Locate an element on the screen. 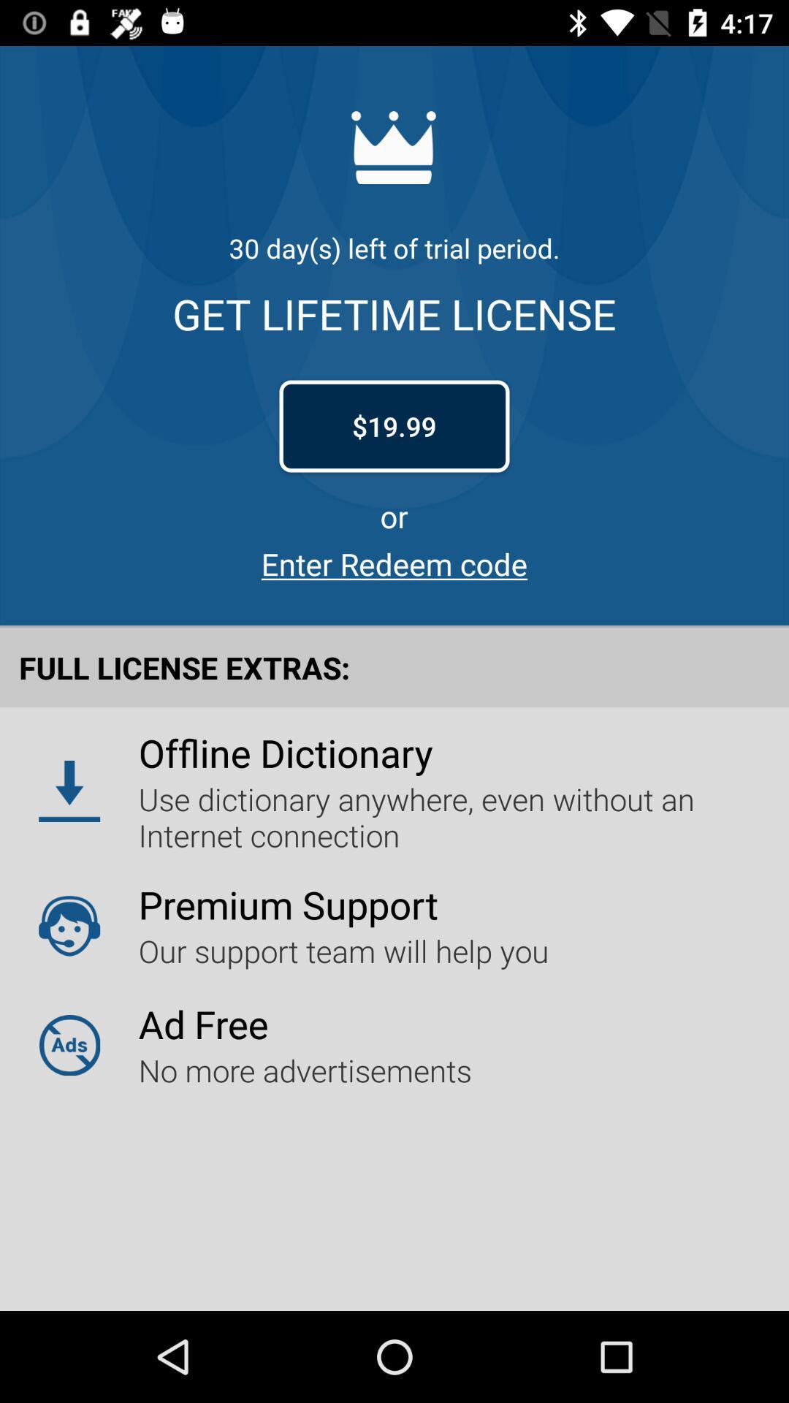 The width and height of the screenshot is (789, 1403). the button above or is located at coordinates (394, 426).